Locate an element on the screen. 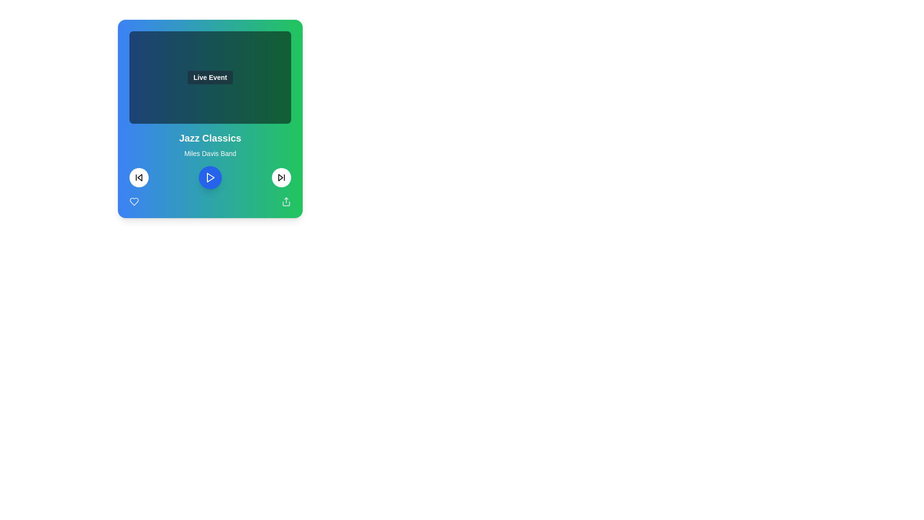  the 'Next Track' button, which is the rightmost circular button in a group of three, to skip forward to the next media item is located at coordinates (281, 178).